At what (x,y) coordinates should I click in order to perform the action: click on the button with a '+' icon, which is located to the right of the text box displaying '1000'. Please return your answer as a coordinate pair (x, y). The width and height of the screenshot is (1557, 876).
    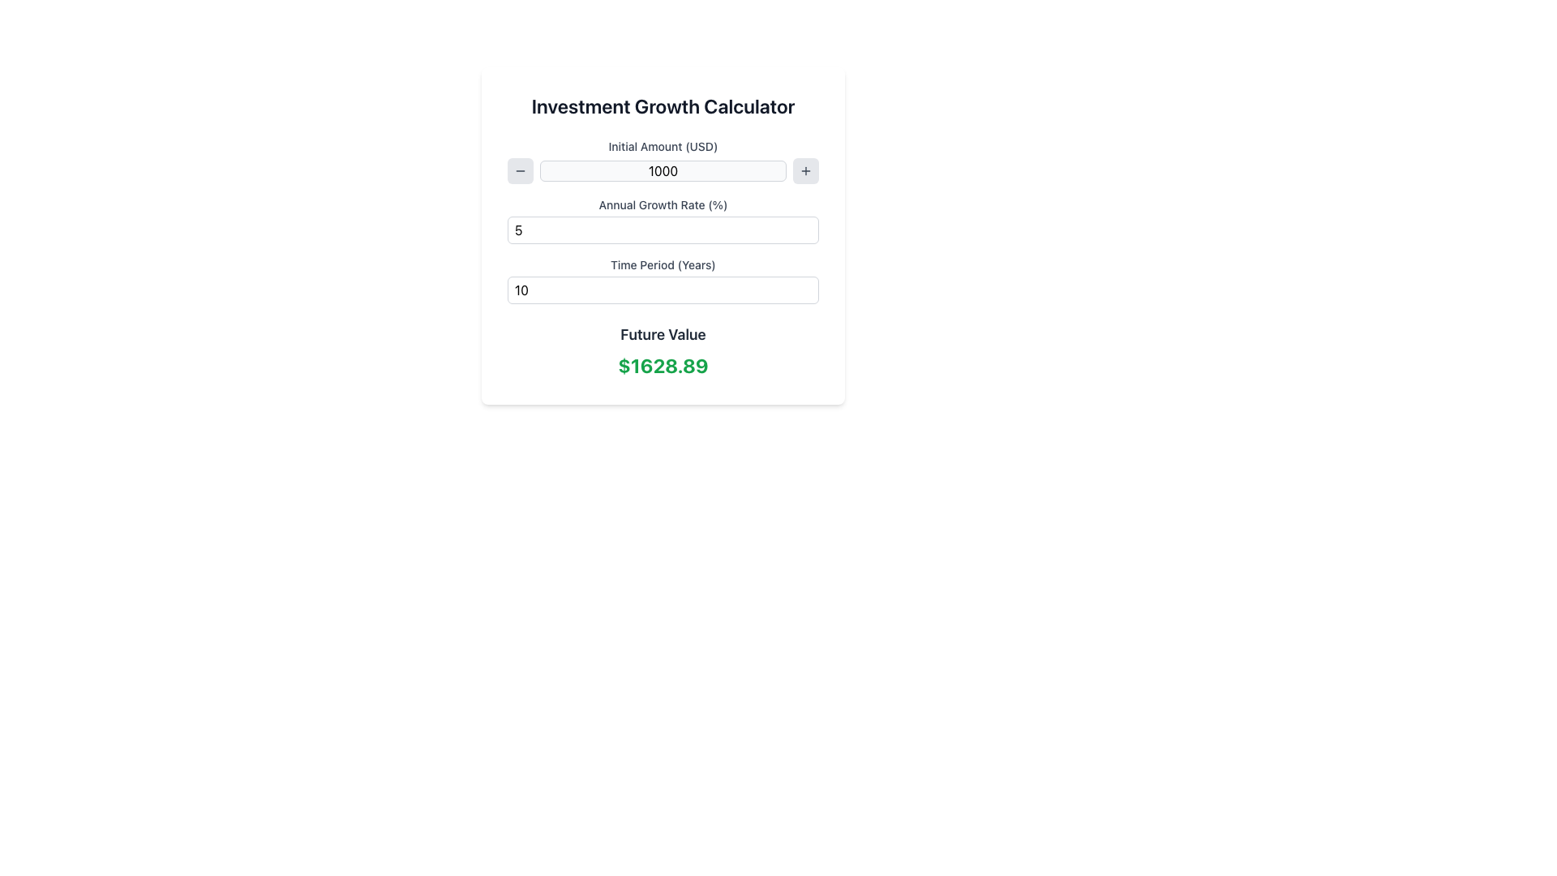
    Looking at the image, I should click on (805, 171).